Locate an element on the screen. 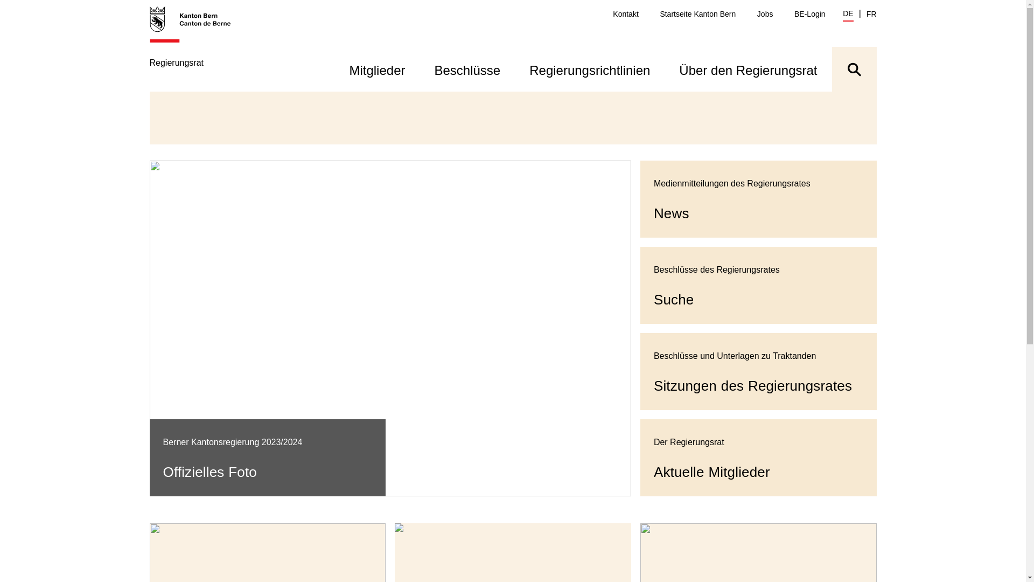 The height and width of the screenshot is (582, 1034). 'Kontakt' is located at coordinates (612, 14).